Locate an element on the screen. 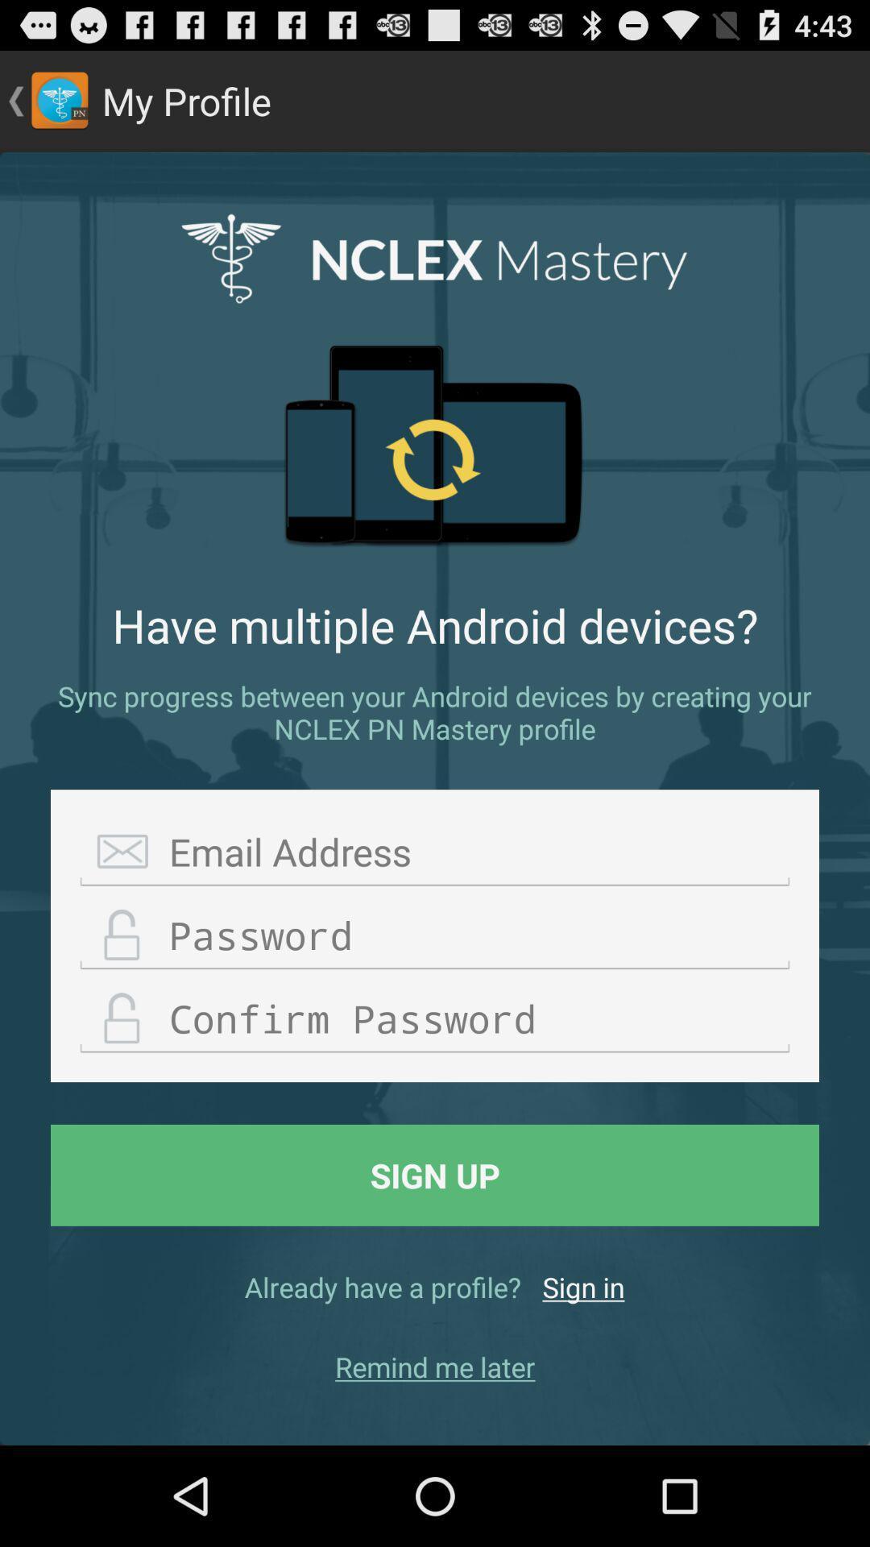  item above the already have a item is located at coordinates (435, 1175).